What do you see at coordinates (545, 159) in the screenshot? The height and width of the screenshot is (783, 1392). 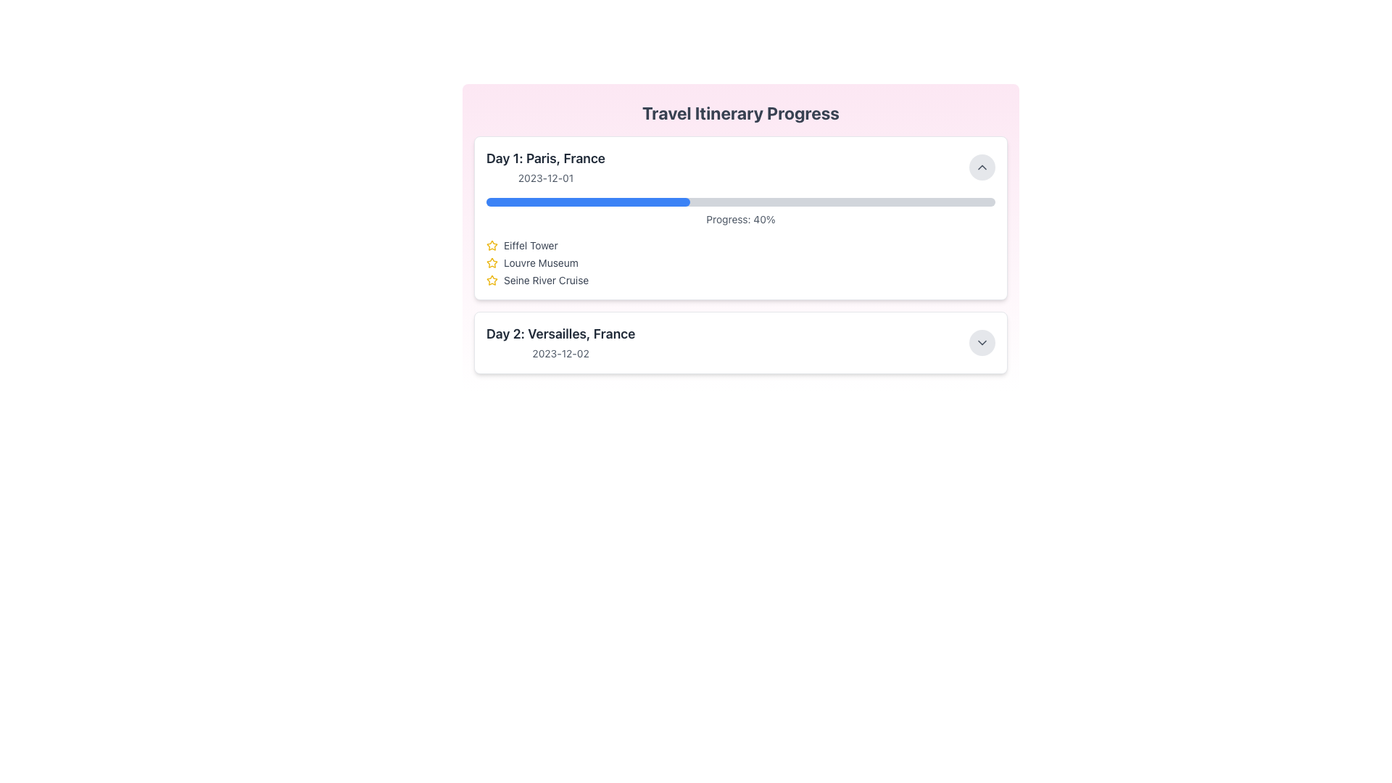 I see `text content of the header Text Label that describes 'Day 1: Paris, France' in the upper-left area of the travel itinerary card` at bounding box center [545, 159].